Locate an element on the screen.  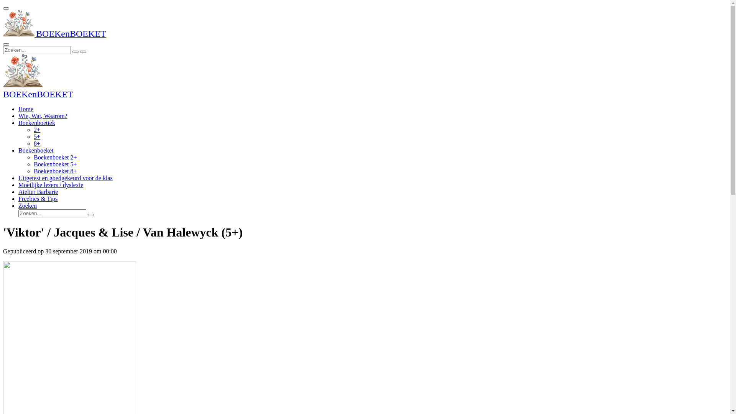
'Freebies & Tips' is located at coordinates (38, 198).